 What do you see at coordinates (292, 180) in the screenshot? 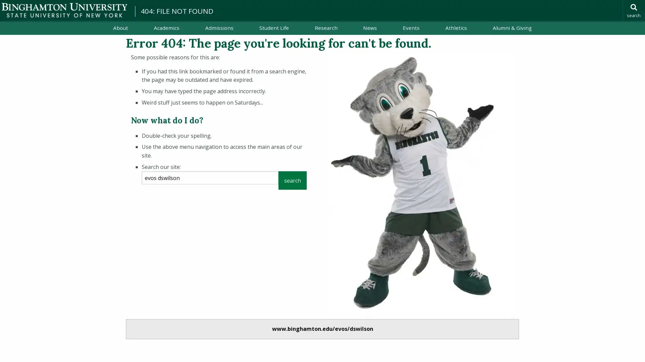
I see `search` at bounding box center [292, 180].